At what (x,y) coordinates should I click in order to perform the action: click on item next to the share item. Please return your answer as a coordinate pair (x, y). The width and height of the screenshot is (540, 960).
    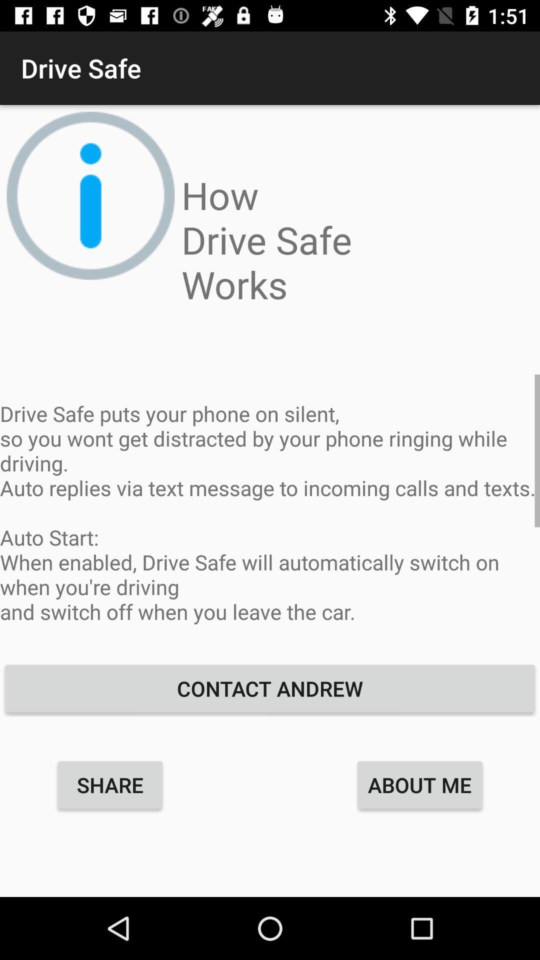
    Looking at the image, I should click on (419, 784).